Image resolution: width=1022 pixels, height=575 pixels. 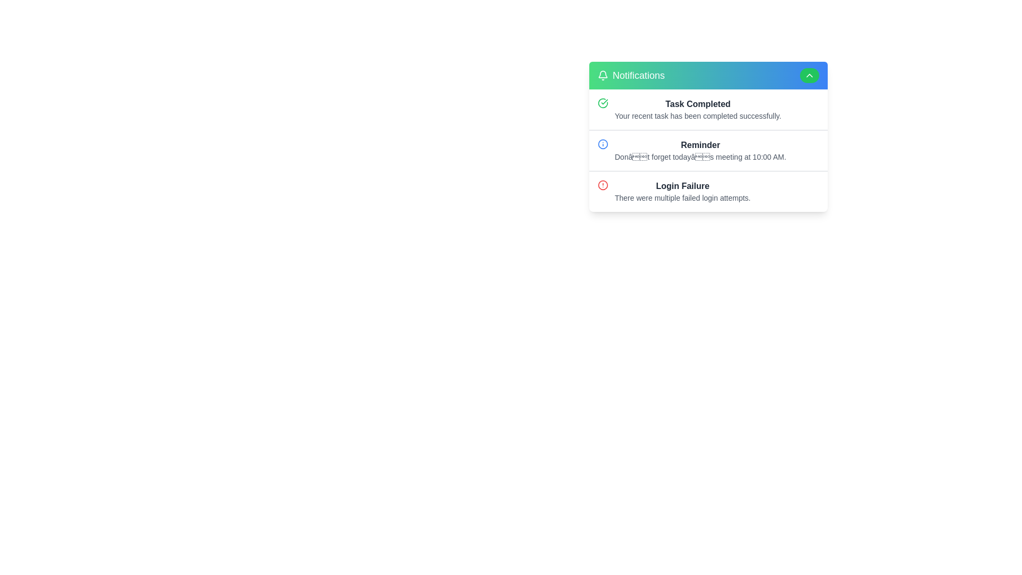 I want to click on the circular green button with a white upward-pointing chevron icon located at the top-right corner of the 'Notifications' header section, so click(x=809, y=75).